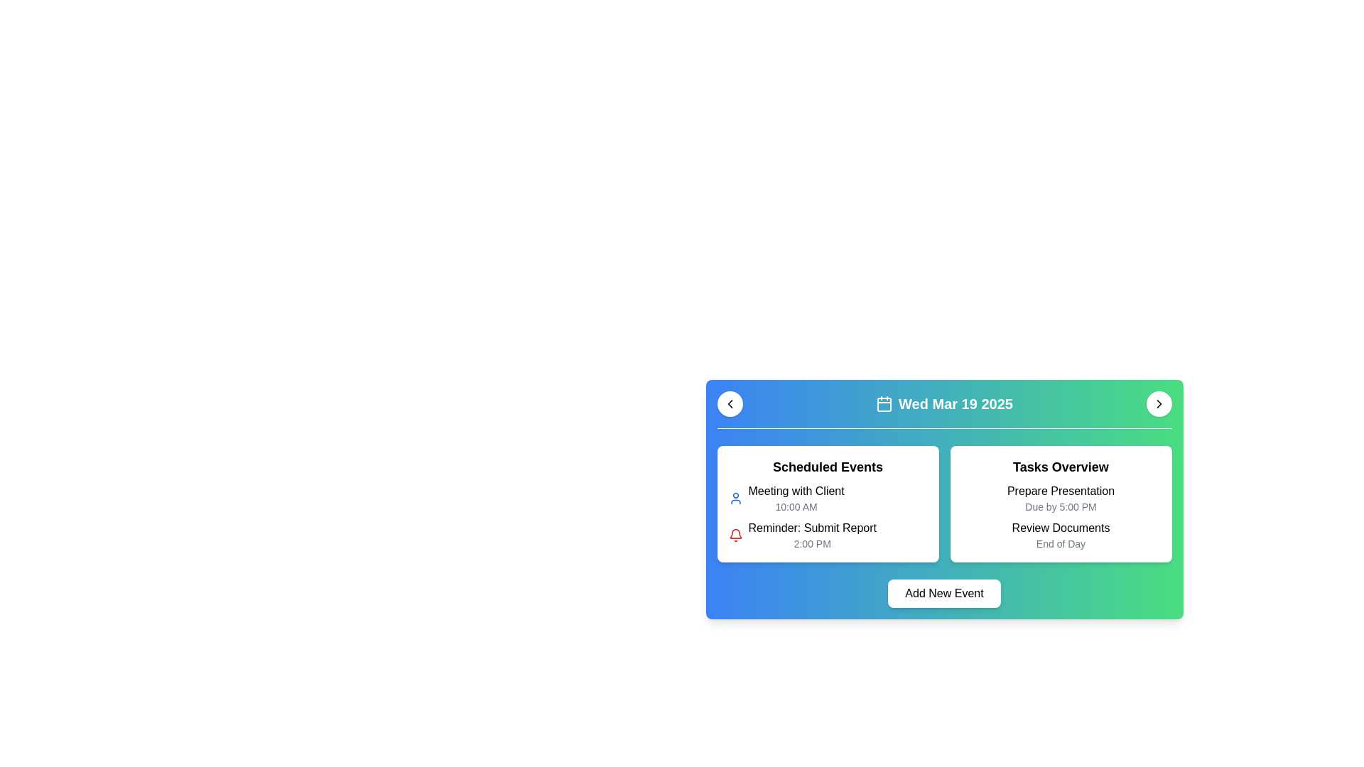 The height and width of the screenshot is (767, 1364). What do you see at coordinates (735, 533) in the screenshot?
I see `the upper part of the bell-shaped icon located in the top left corner of the calendar interface` at bounding box center [735, 533].